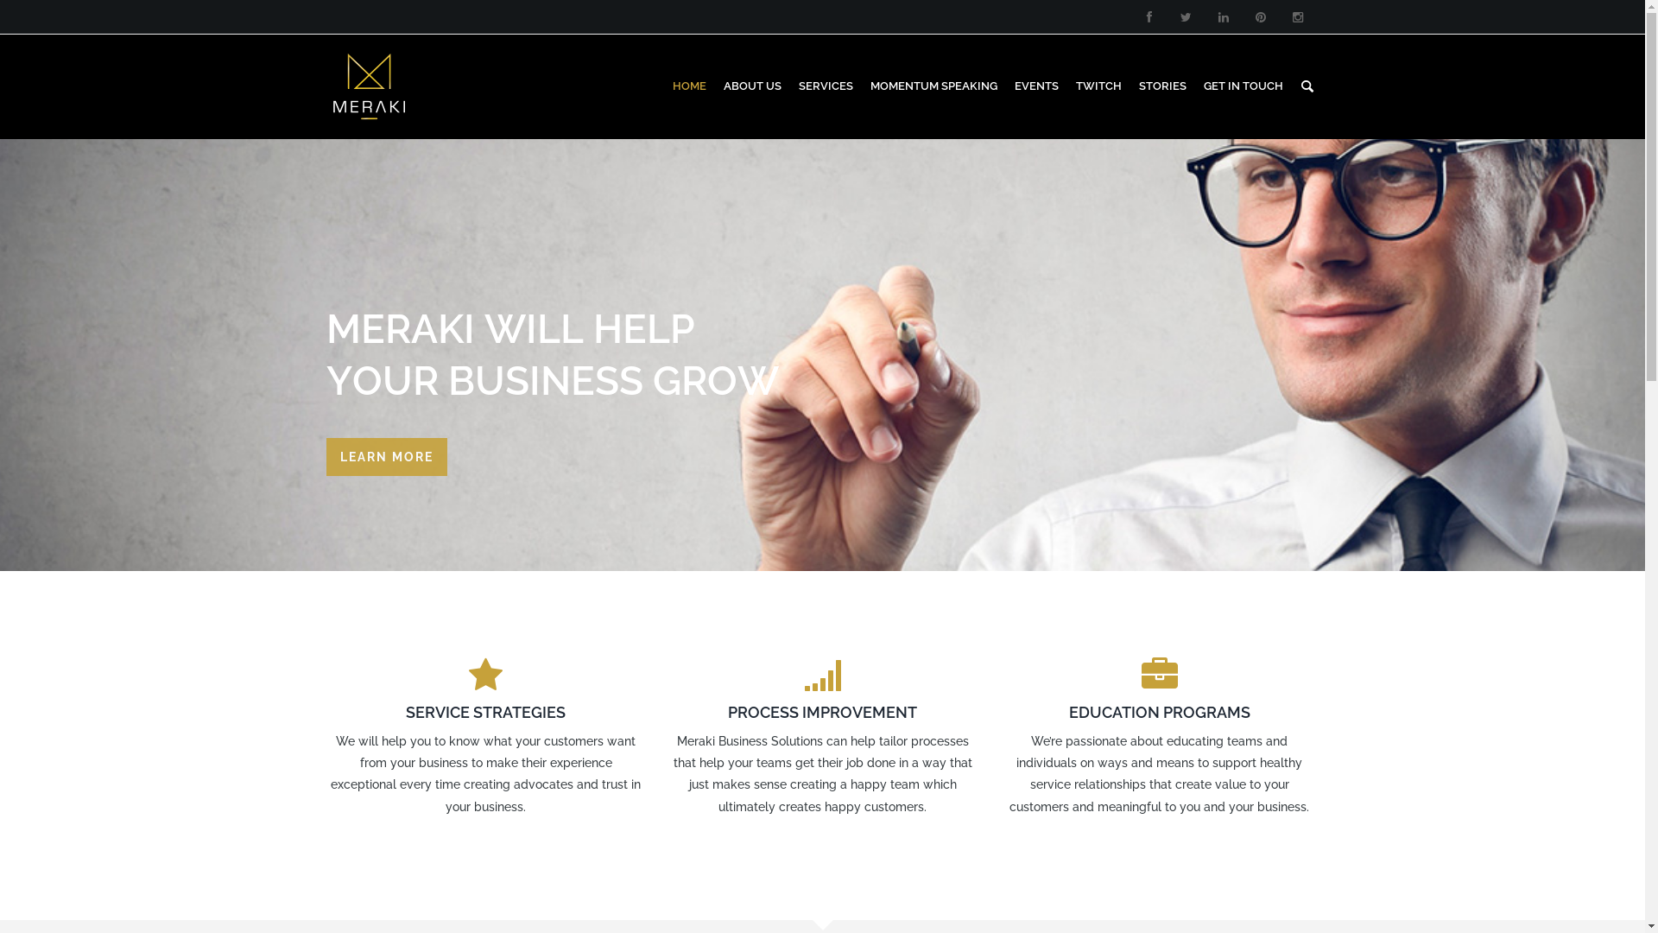 Image resolution: width=1658 pixels, height=933 pixels. What do you see at coordinates (1260, 16) in the screenshot?
I see `'pinterest'` at bounding box center [1260, 16].